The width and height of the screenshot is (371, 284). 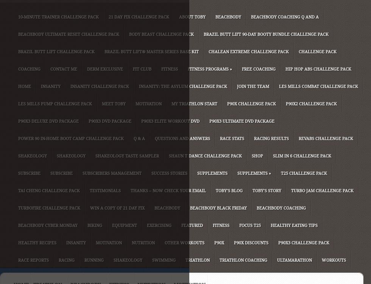 What do you see at coordinates (304, 173) in the screenshot?
I see `'T25 Challenge Pack'` at bounding box center [304, 173].